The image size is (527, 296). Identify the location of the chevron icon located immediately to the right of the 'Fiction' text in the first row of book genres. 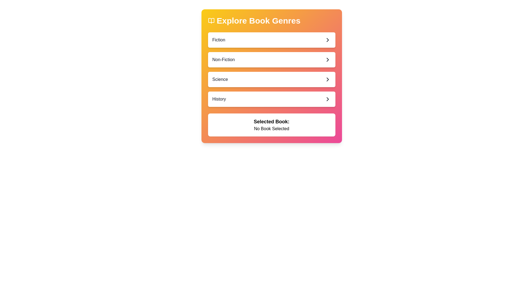
(327, 40).